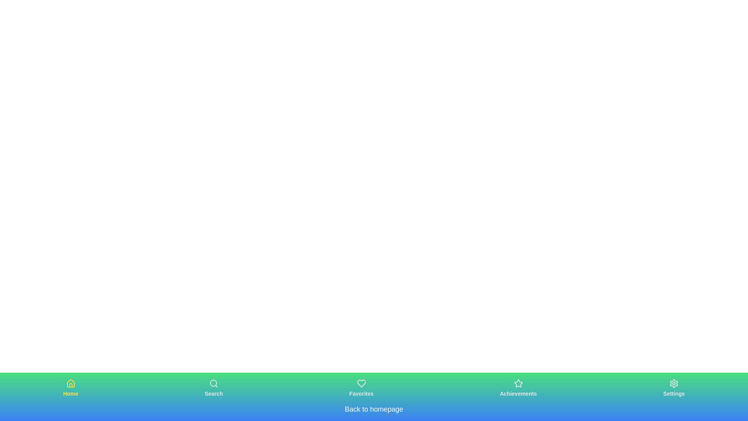 The width and height of the screenshot is (748, 421). I want to click on the Settings navigation button, so click(674, 388).